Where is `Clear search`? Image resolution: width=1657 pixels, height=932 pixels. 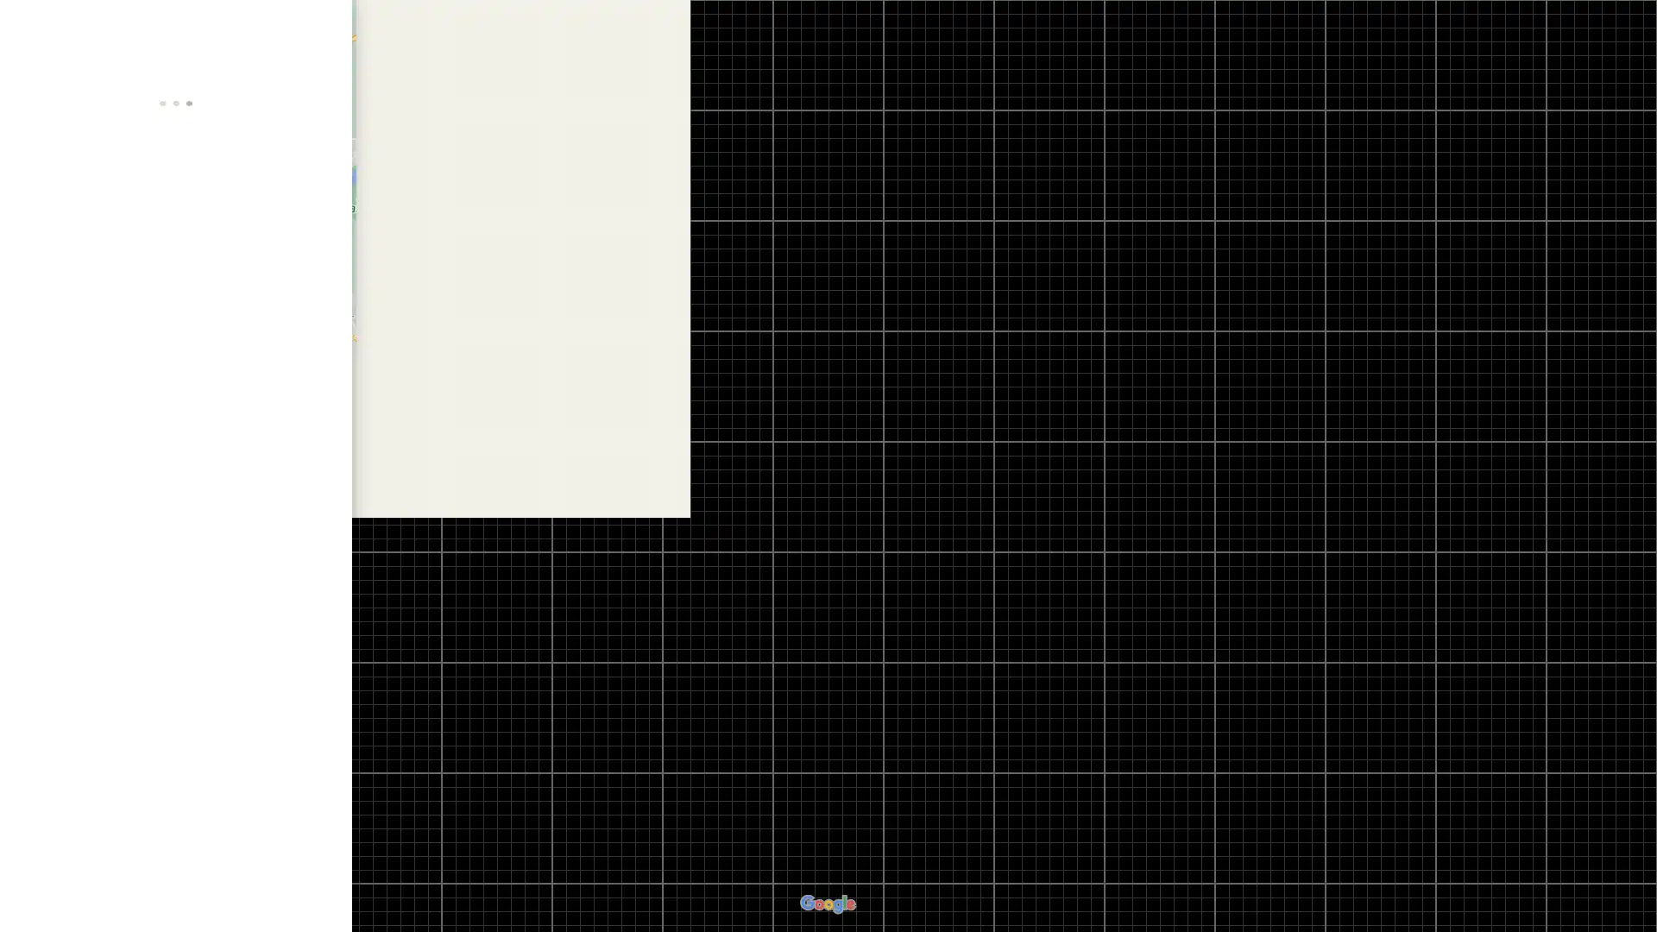 Clear search is located at coordinates (322, 27).